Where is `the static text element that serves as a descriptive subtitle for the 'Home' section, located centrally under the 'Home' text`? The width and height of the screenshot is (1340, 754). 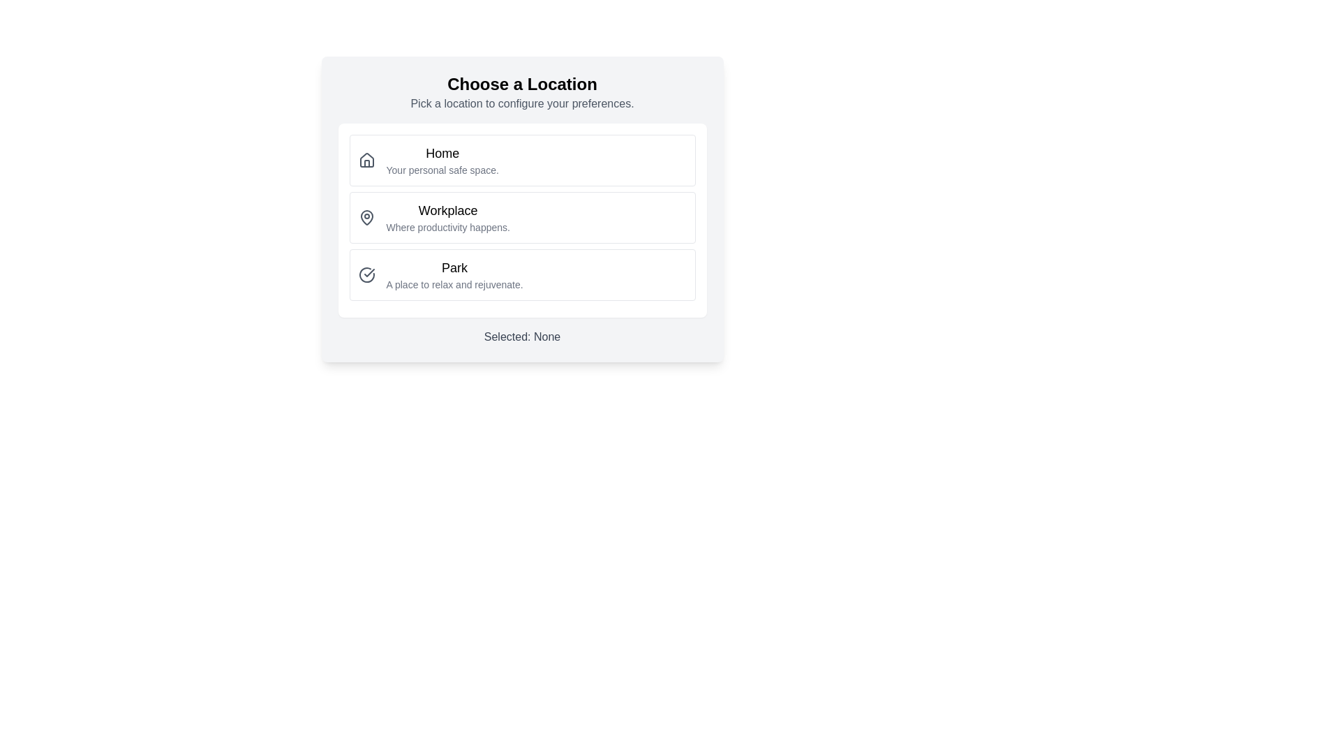 the static text element that serves as a descriptive subtitle for the 'Home' section, located centrally under the 'Home' text is located at coordinates (442, 169).